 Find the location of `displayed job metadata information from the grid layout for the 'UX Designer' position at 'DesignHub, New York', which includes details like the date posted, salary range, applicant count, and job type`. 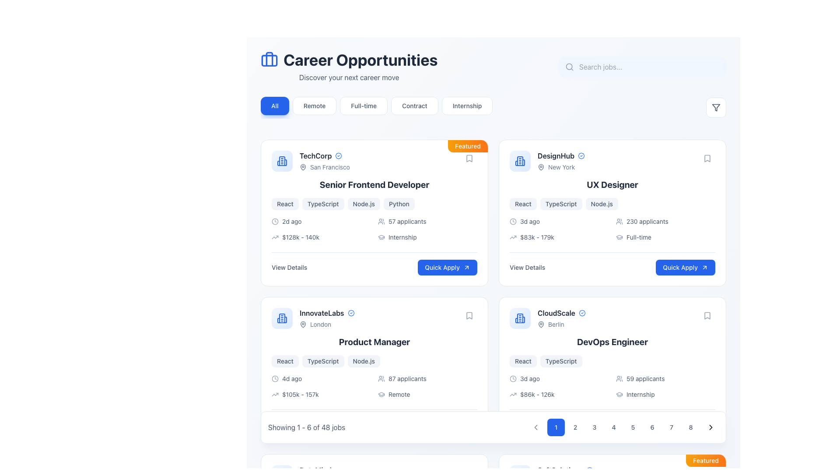

displayed job metadata information from the grid layout for the 'UX Designer' position at 'DesignHub, New York', which includes details like the date posted, salary range, applicant count, and job type is located at coordinates (612, 229).